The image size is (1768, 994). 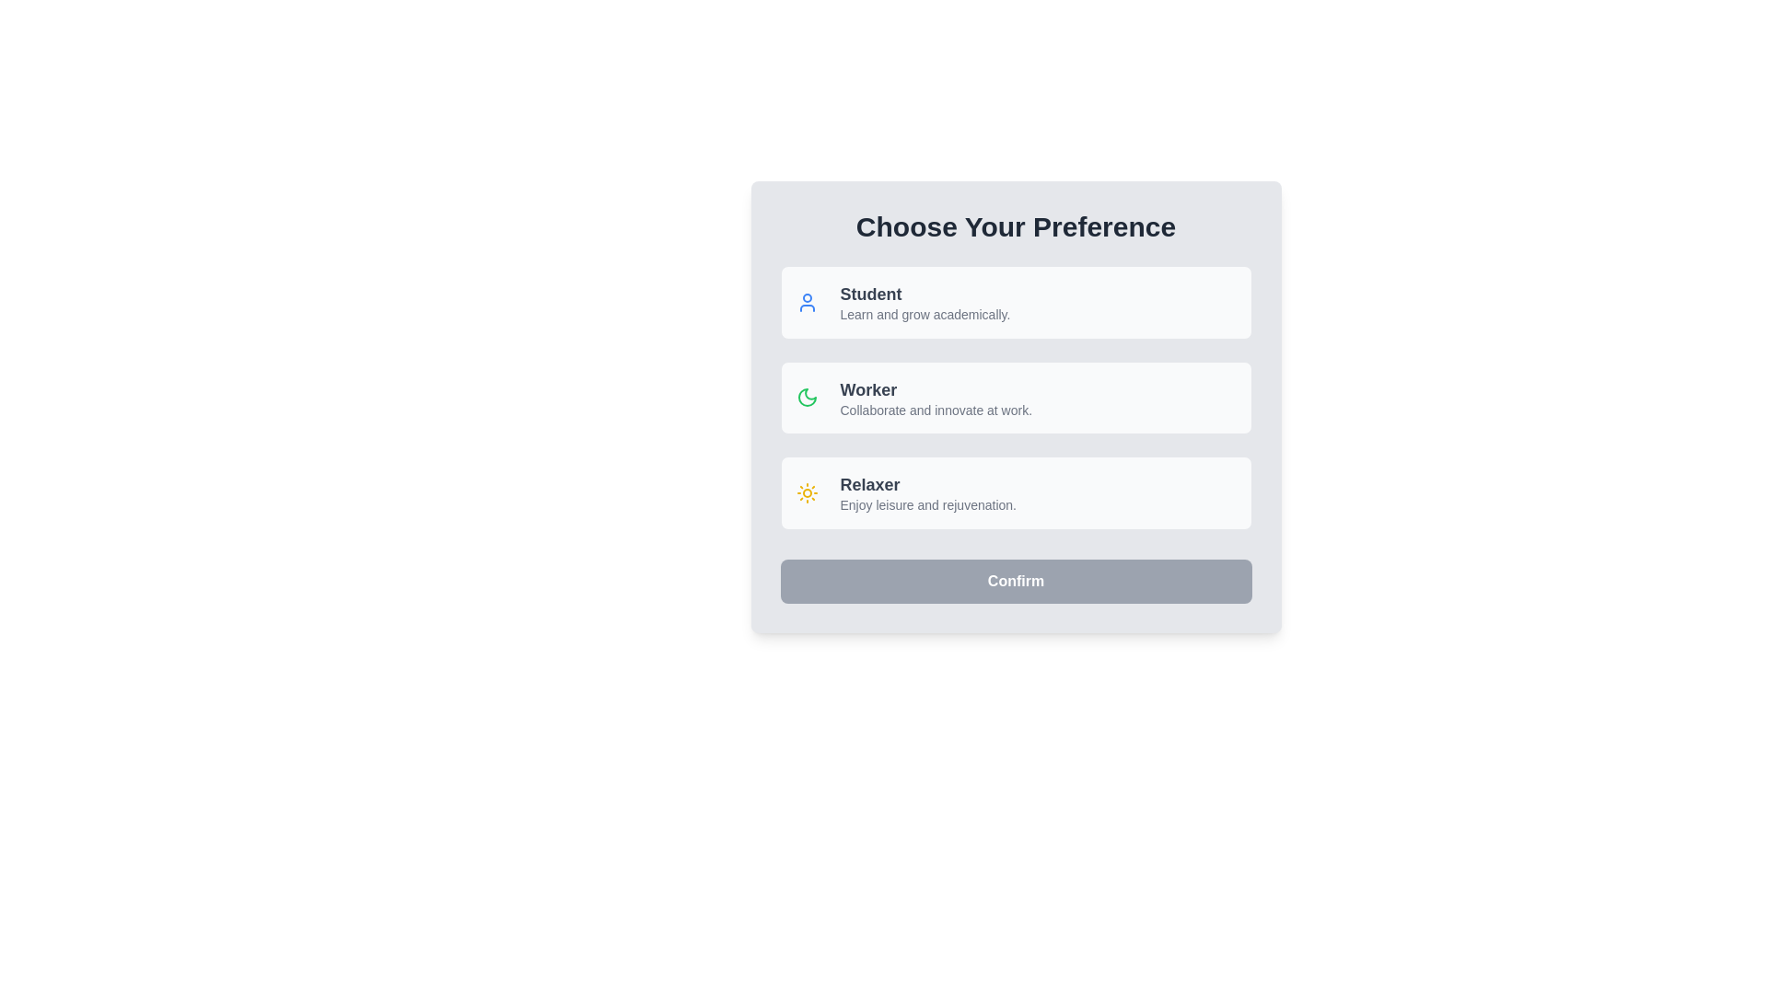 I want to click on the second selectable card labeled 'Worker' in the preference selection list, so click(x=1015, y=397).